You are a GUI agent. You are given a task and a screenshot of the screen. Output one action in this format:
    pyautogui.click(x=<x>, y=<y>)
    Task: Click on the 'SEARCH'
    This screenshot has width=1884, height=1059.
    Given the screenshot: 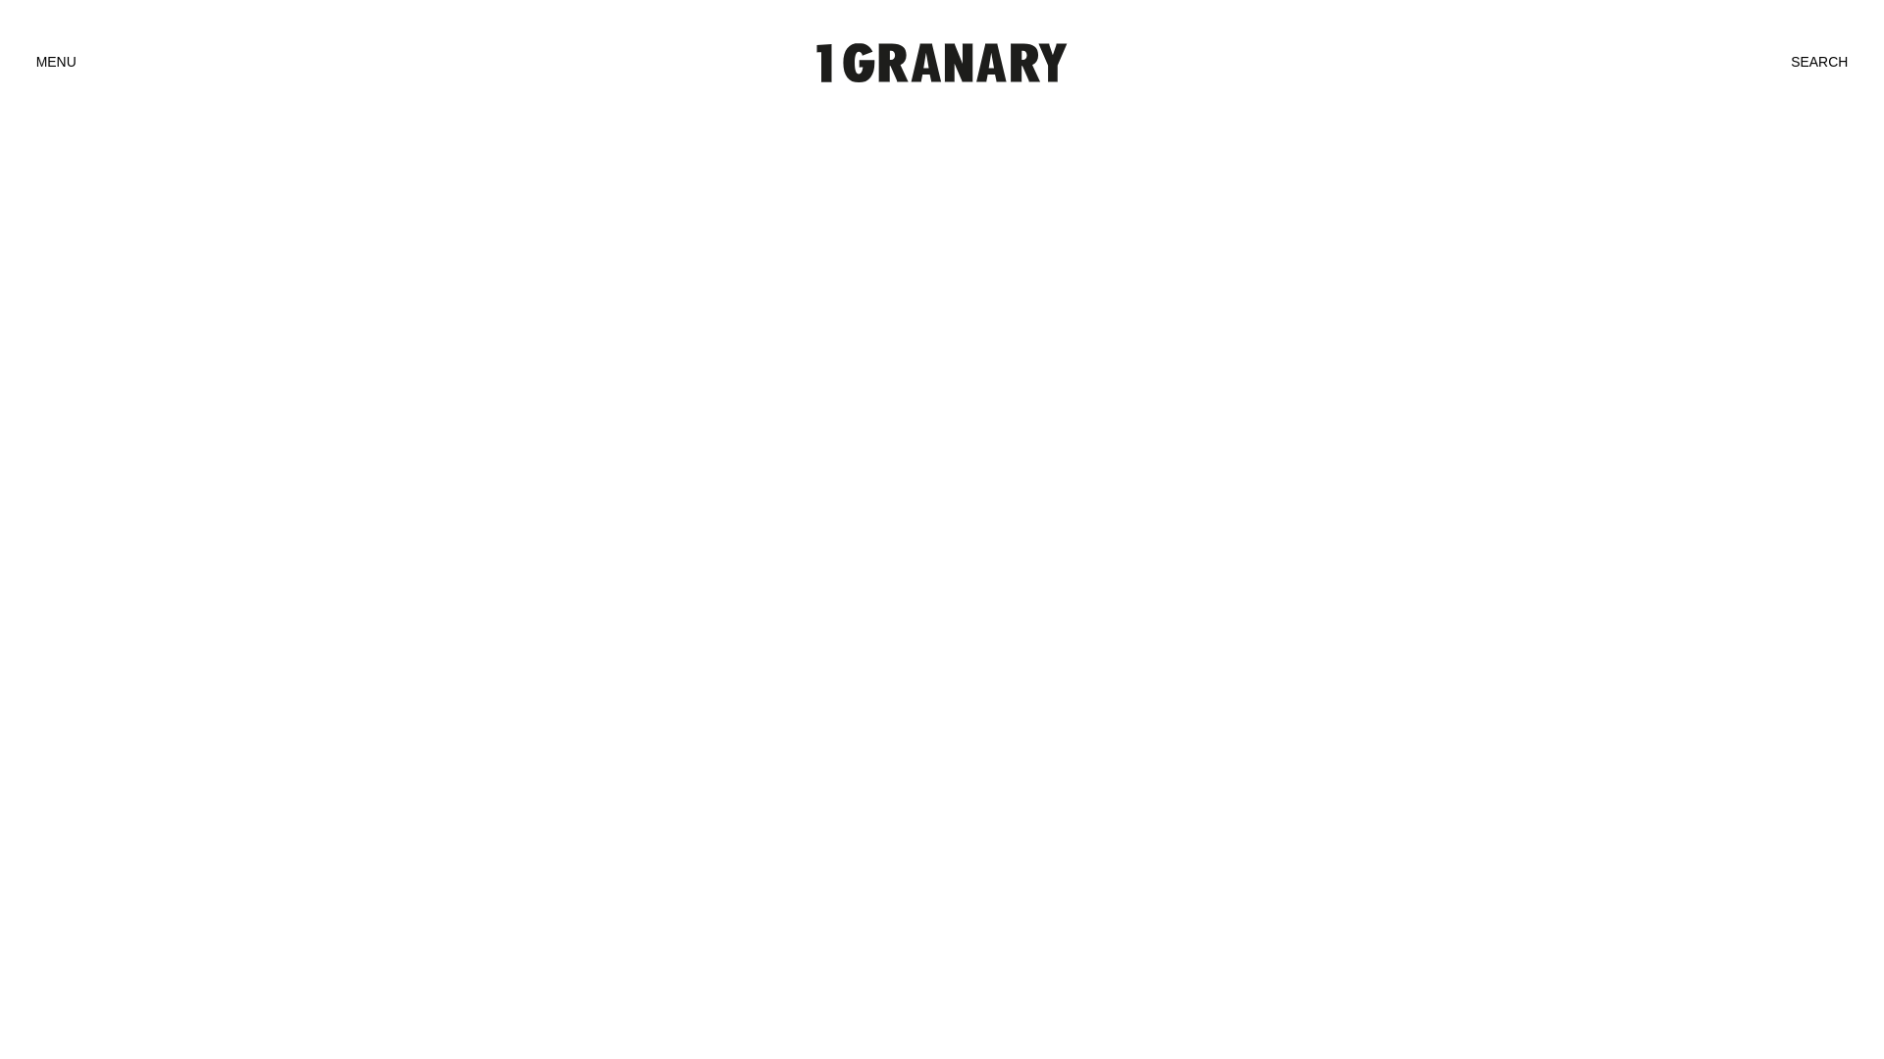 What is the action you would take?
    pyautogui.click(x=1817, y=62)
    